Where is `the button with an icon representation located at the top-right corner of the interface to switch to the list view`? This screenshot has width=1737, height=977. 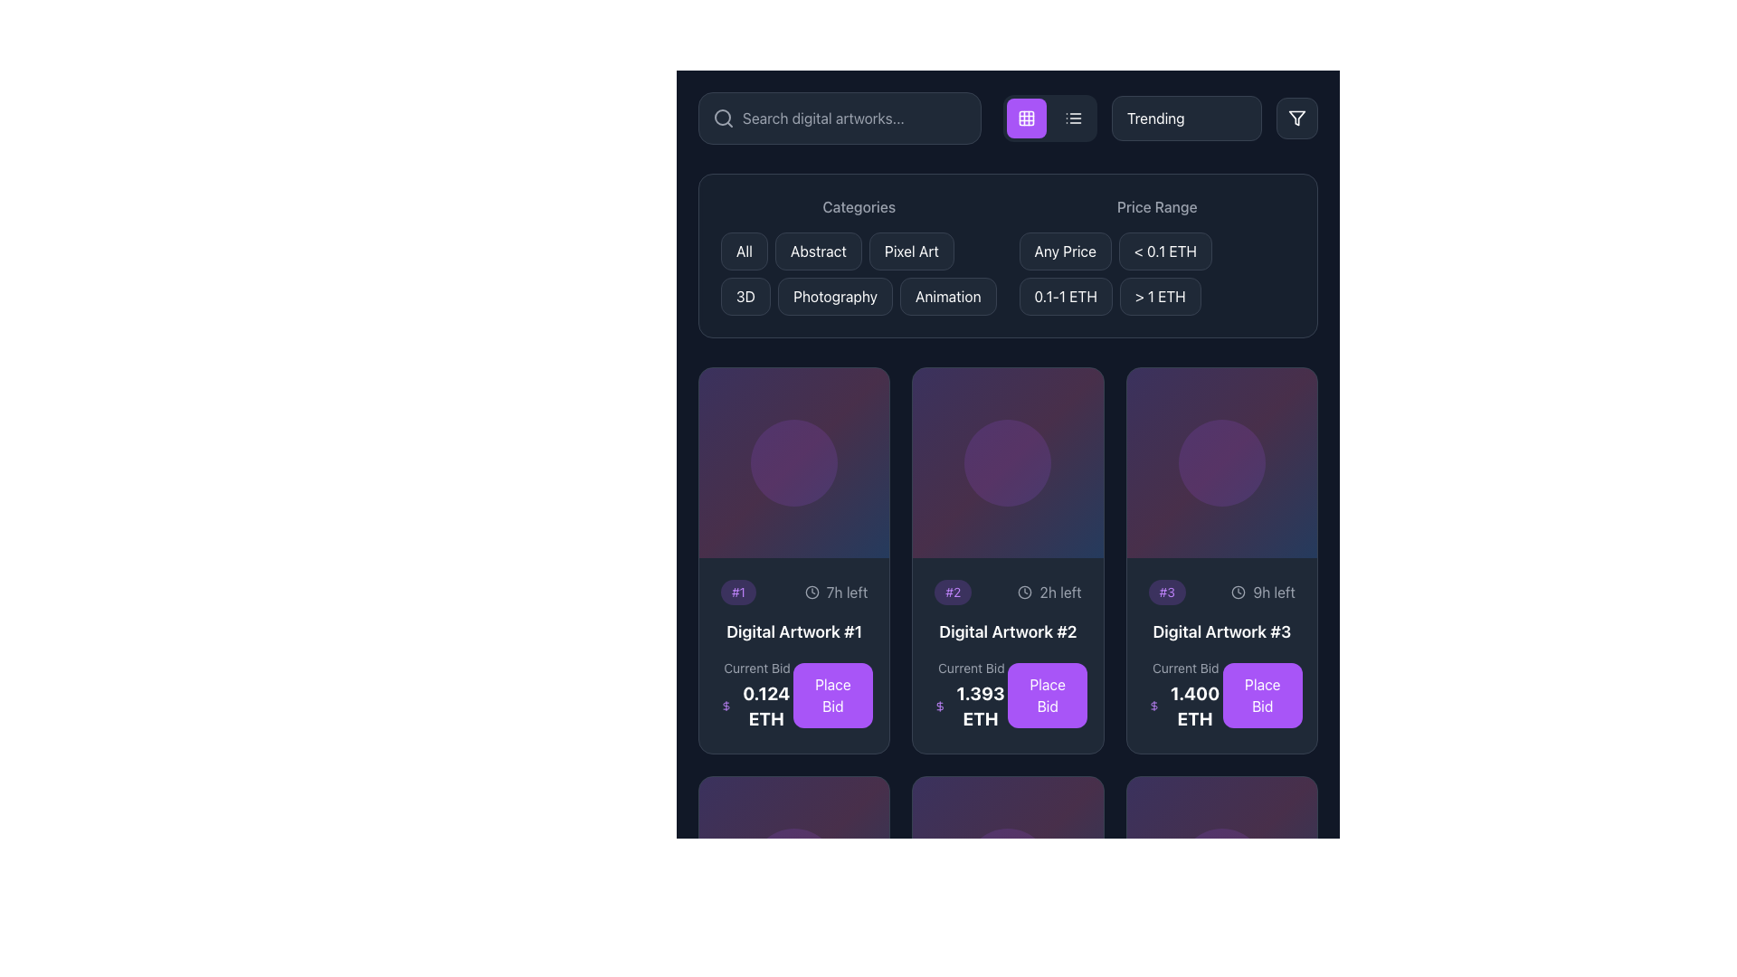
the button with an icon representation located at the top-right corner of the interface to switch to the list view is located at coordinates (1073, 119).